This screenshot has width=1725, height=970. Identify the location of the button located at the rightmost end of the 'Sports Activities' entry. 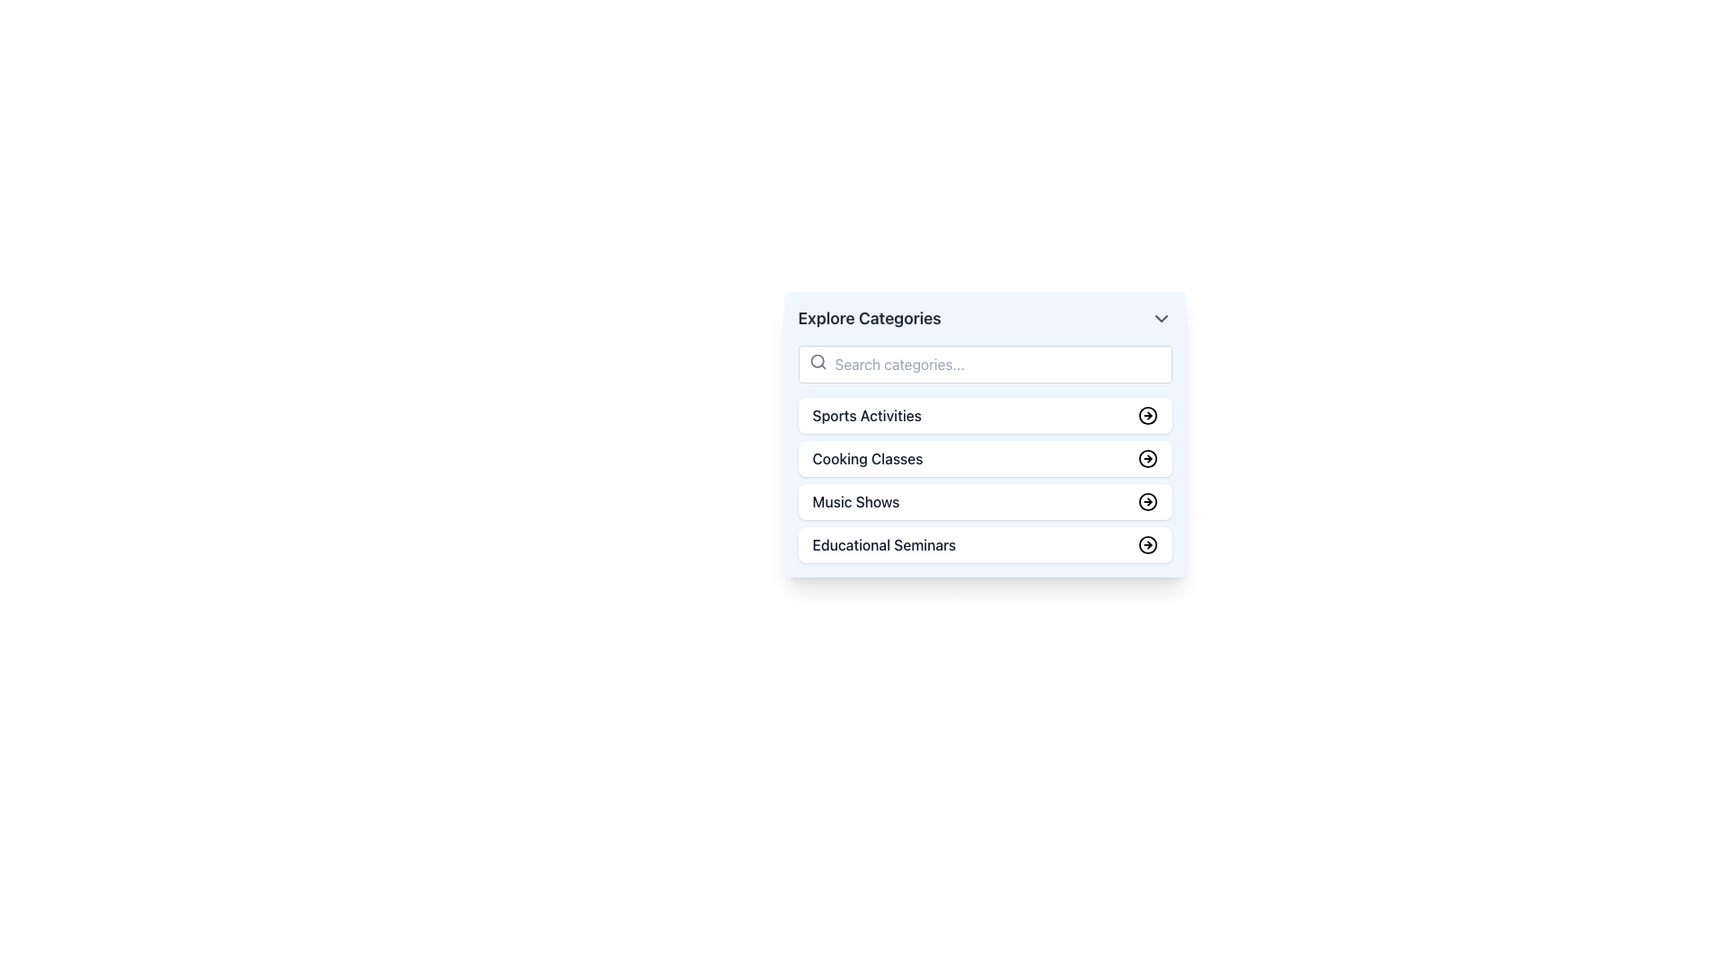
(1146, 415).